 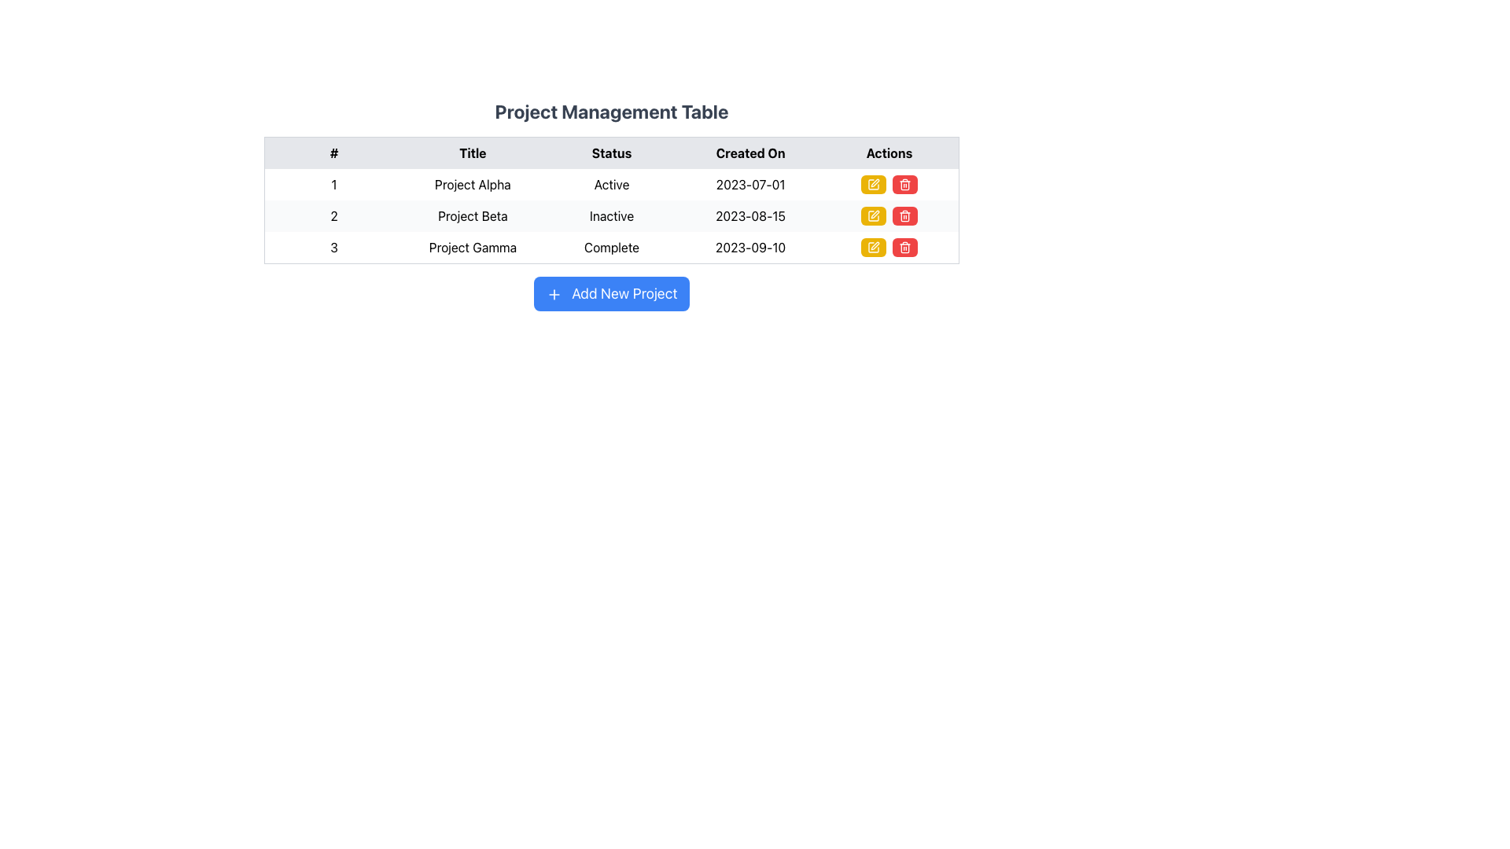 I want to click on the 'Created On' column header in the Project Management Table, which is the fourth header after '#', 'Title', and 'Status', and before 'Actions', so click(x=749, y=153).